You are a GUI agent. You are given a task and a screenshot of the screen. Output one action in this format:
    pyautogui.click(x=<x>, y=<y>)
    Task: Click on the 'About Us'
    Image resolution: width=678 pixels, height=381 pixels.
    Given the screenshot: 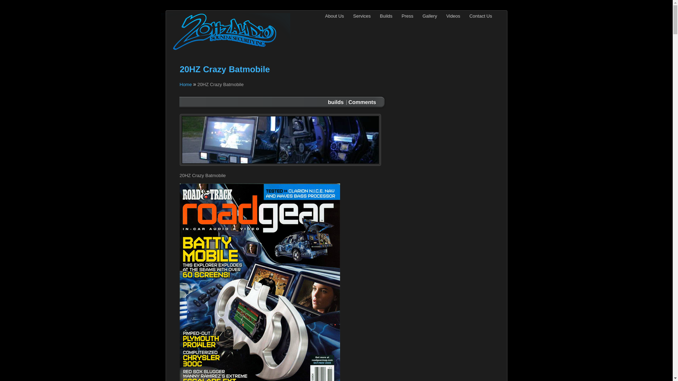 What is the action you would take?
    pyautogui.click(x=320, y=16)
    